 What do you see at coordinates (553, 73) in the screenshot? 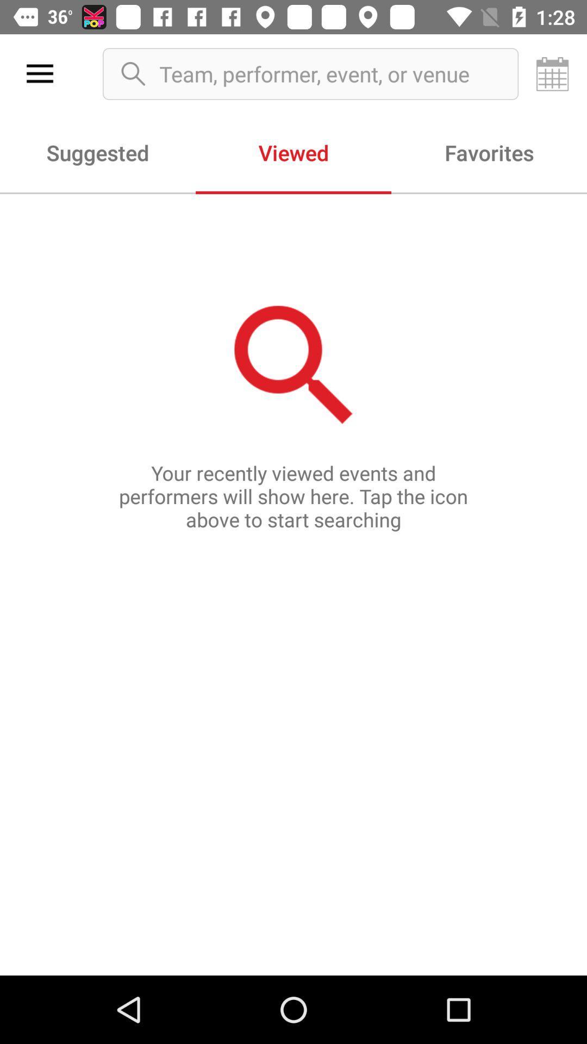
I see `the icon to the right of team performer event icon` at bounding box center [553, 73].